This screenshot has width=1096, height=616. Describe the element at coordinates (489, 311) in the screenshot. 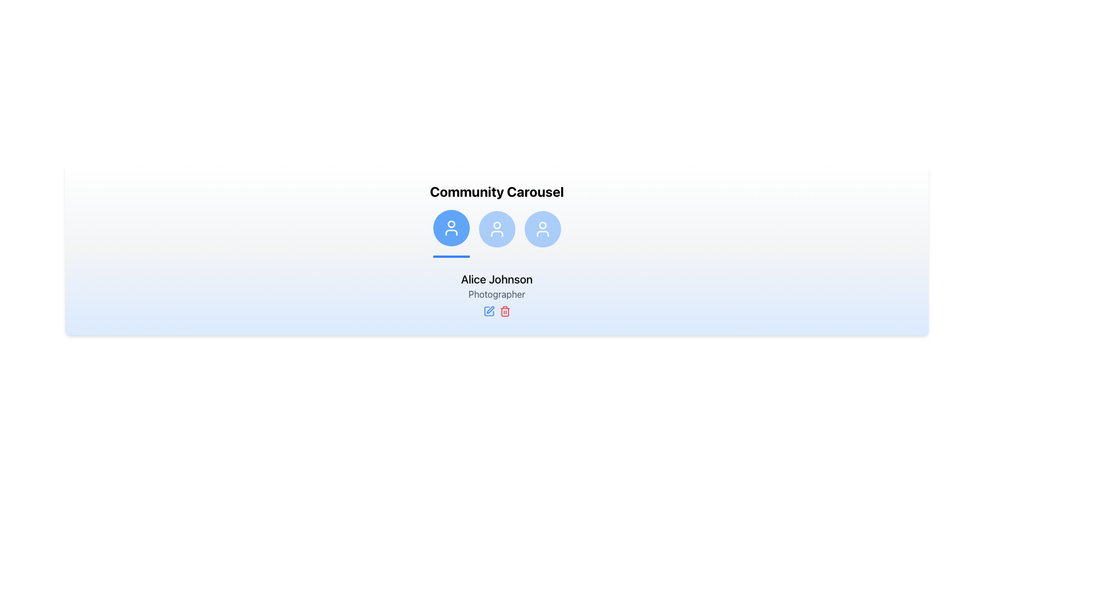

I see `the pen-shaped icon button, which is blue and located in the middle of the bottom section of the card` at that location.